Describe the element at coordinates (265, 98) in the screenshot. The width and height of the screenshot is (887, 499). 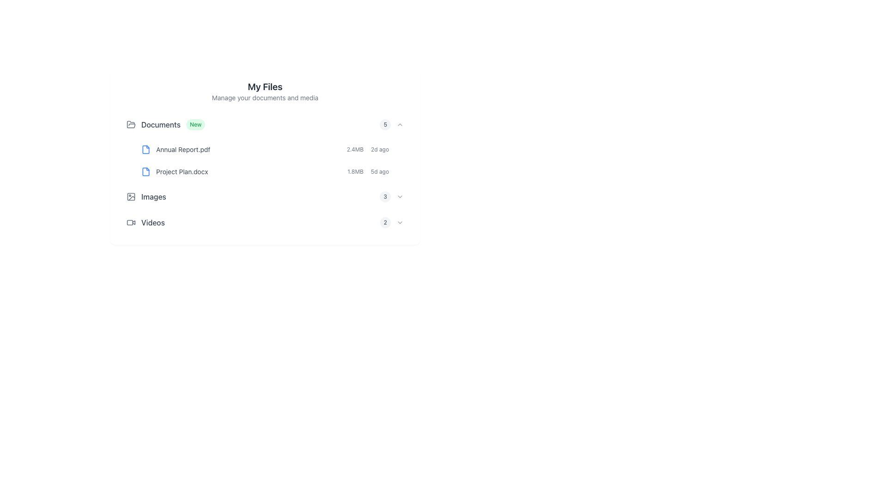
I see `the static text element located directly under the 'My Files' title, which provides additional context about this section` at that location.